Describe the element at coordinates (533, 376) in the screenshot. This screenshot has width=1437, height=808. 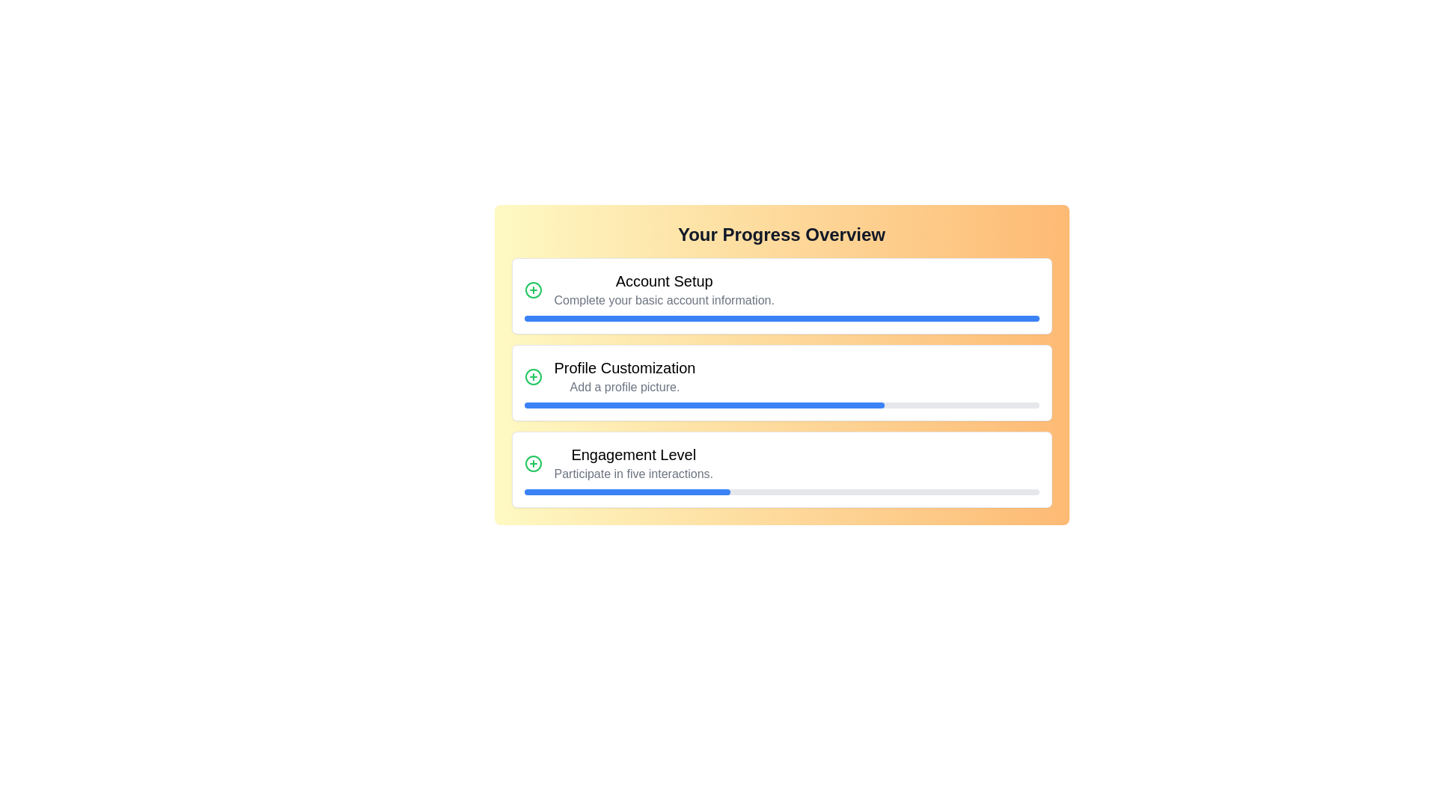
I see `the circular icon with a green outline and a green plus sign, which is adjacent to the 'Profile Customization' text` at that location.